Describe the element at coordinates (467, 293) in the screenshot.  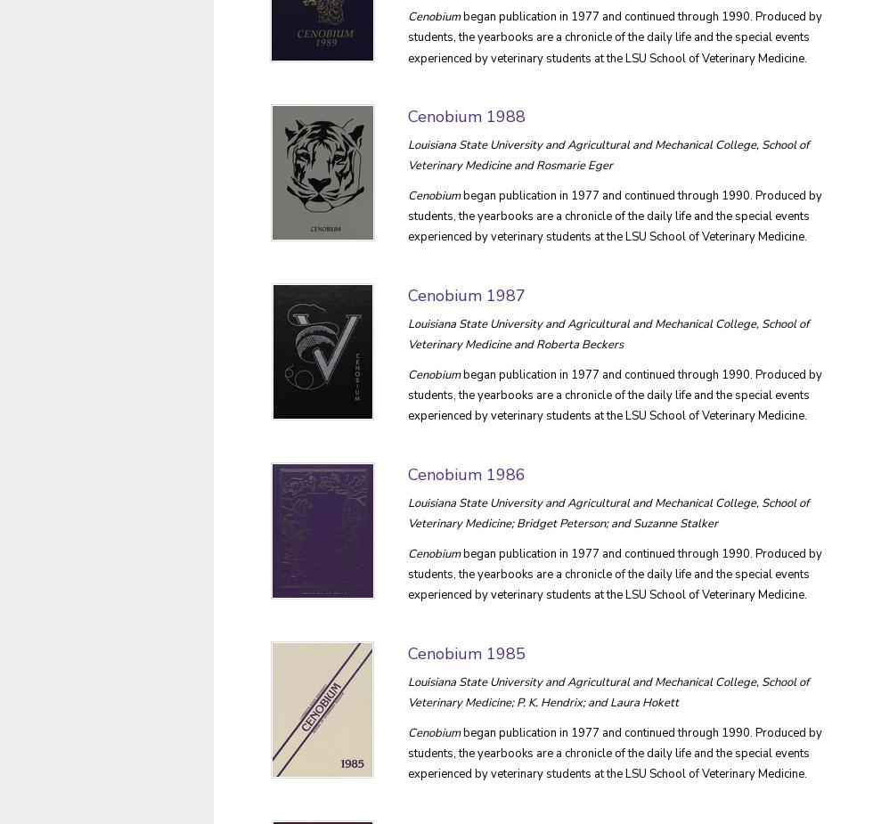
I see `'Cenobium 1987'` at that location.